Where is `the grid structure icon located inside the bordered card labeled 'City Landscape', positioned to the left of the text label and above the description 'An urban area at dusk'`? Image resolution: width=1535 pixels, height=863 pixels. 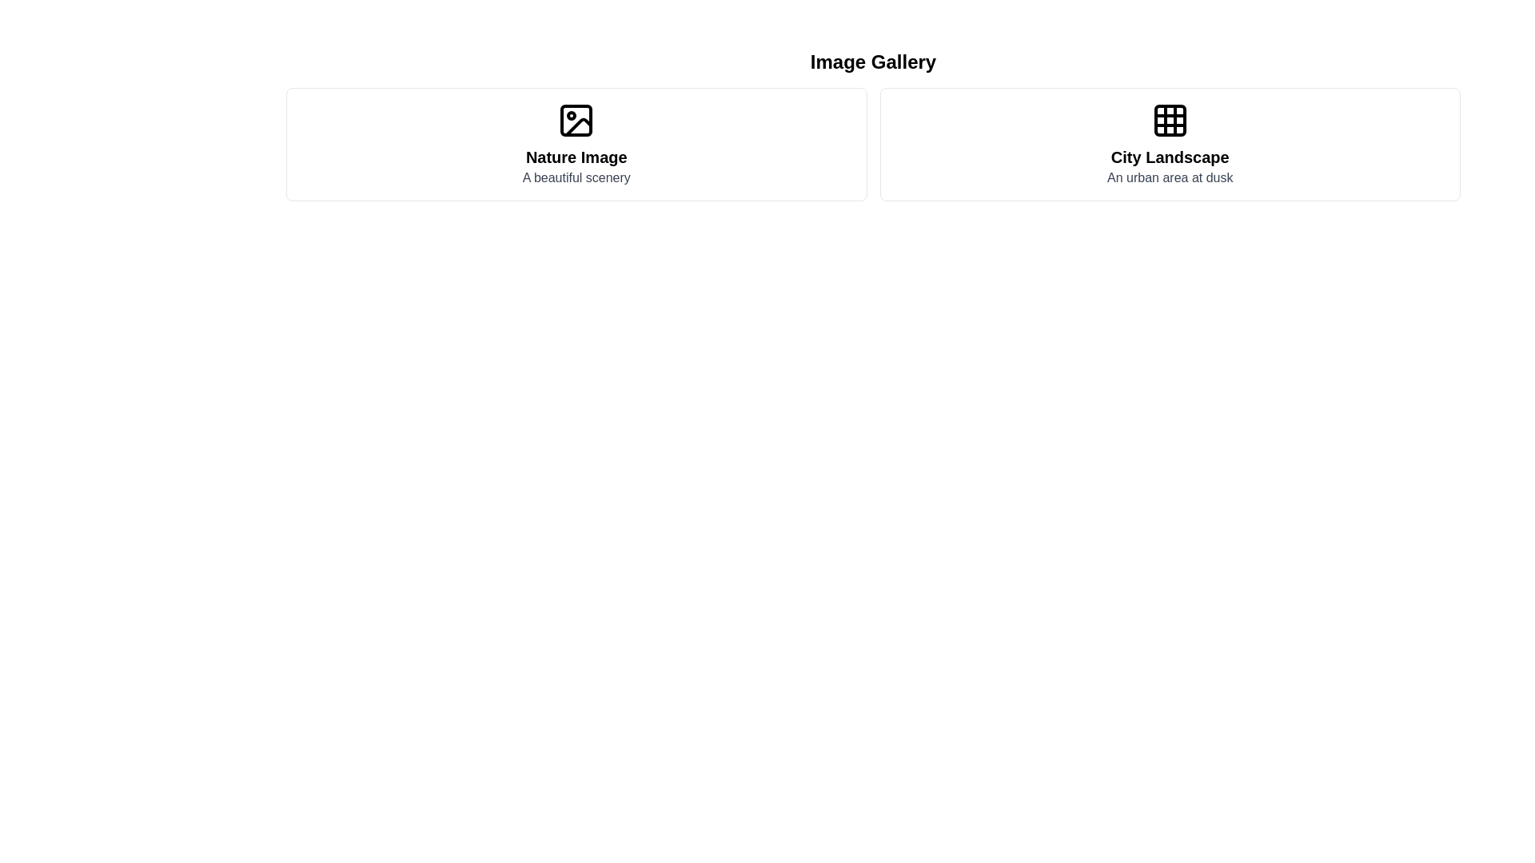
the grid structure icon located inside the bordered card labeled 'City Landscape', positioned to the left of the text label and above the description 'An urban area at dusk' is located at coordinates (1170, 119).